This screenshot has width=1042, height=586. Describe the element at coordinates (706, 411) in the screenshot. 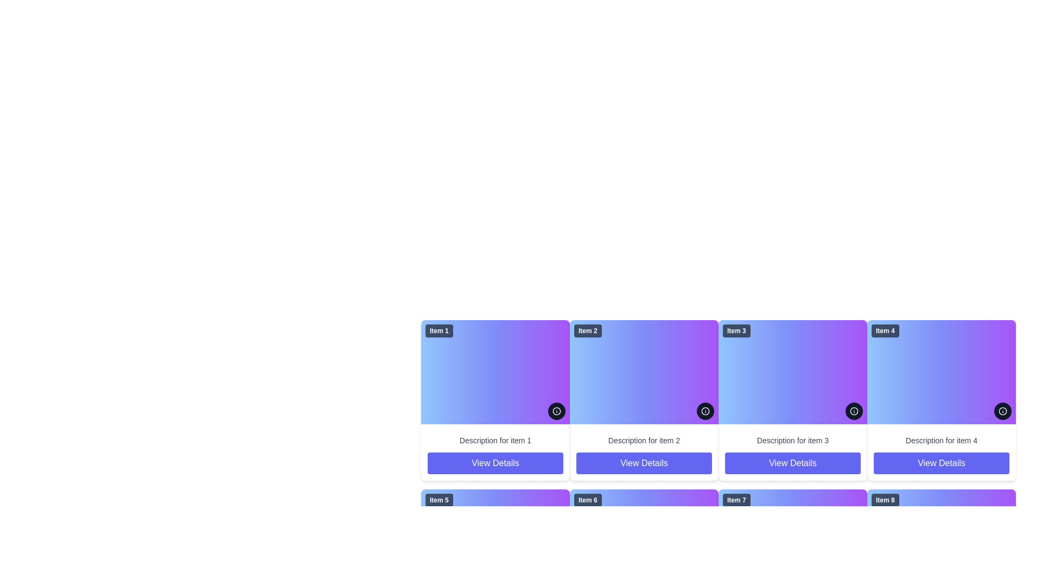

I see `the circular button with a dark background and an information icon located at the bottom-right corner of the card for 'Item 2'` at that location.